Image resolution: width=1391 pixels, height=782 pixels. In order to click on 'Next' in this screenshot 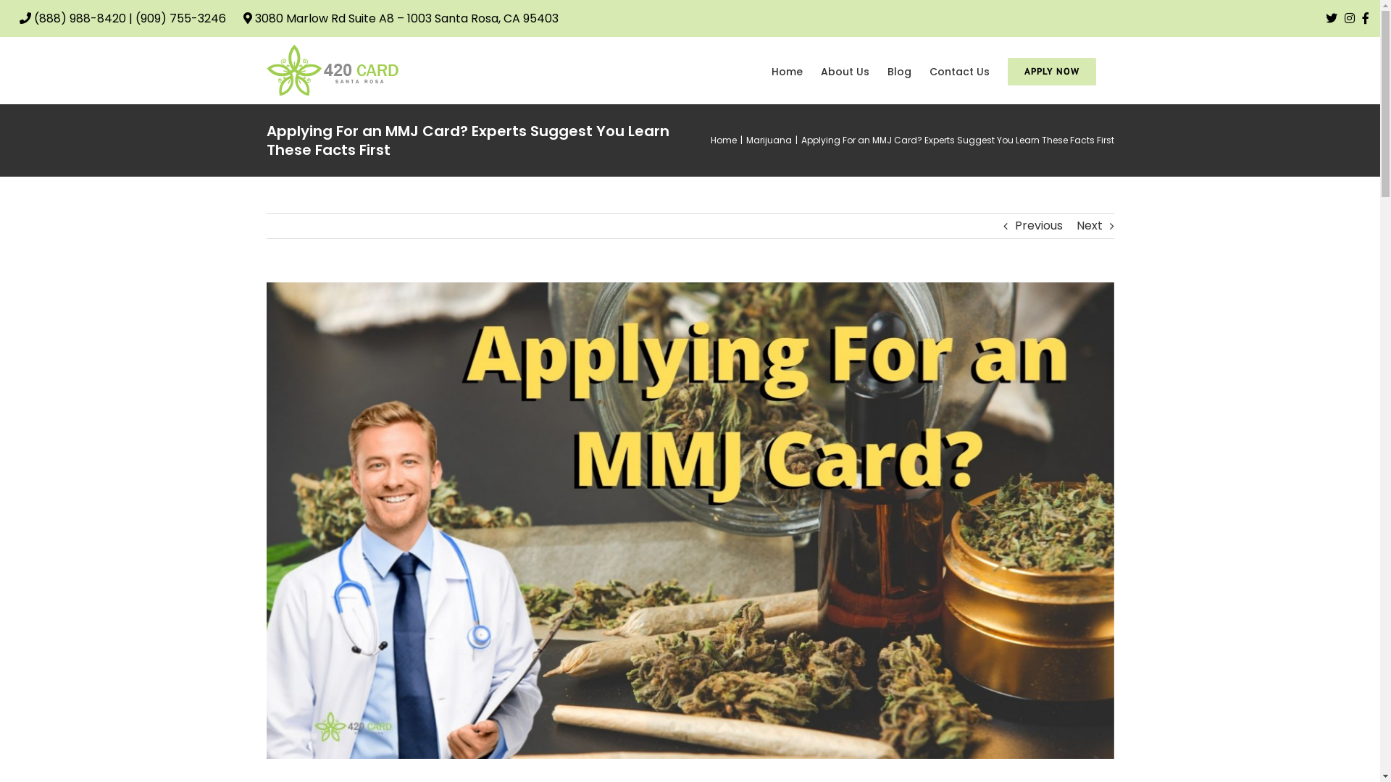, I will do `click(1089, 226)`.